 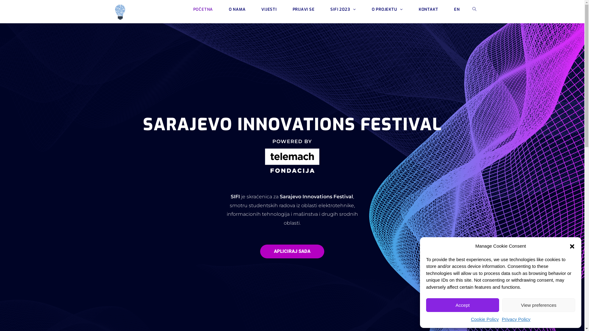 What do you see at coordinates (428, 9) in the screenshot?
I see `'KONTAKT'` at bounding box center [428, 9].